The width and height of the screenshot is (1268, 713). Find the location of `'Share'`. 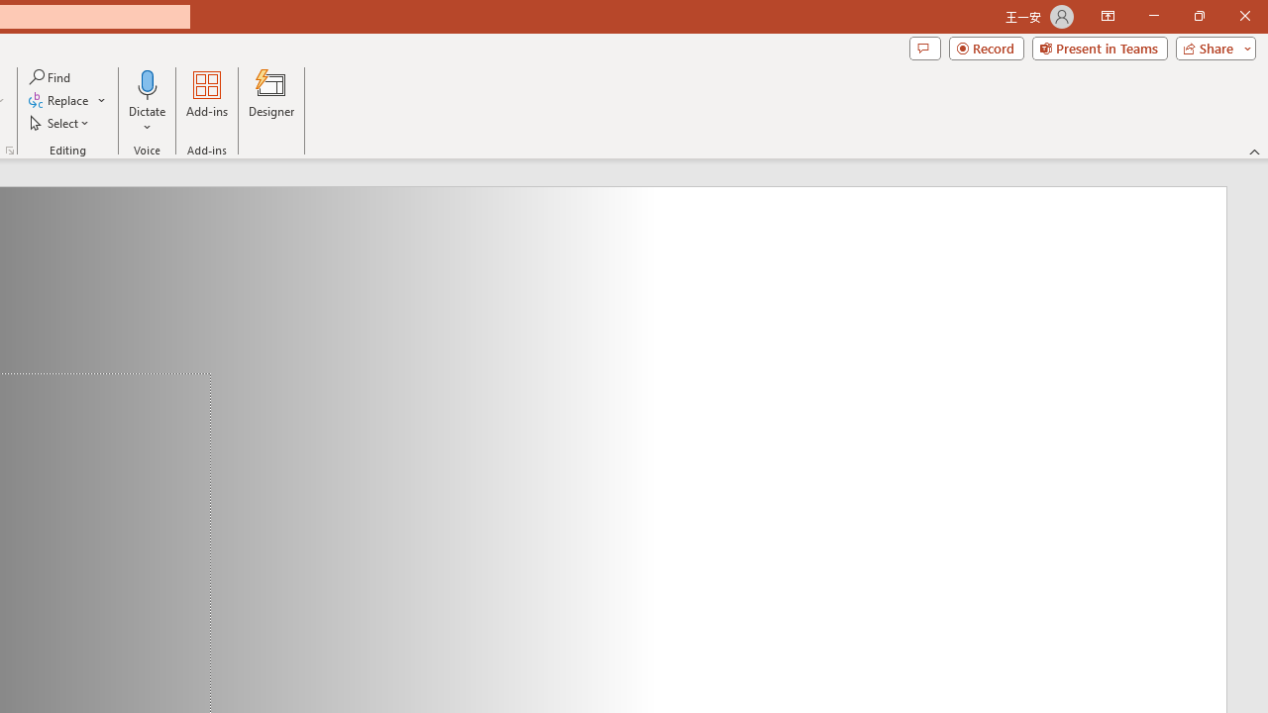

'Share' is located at coordinates (1211, 47).